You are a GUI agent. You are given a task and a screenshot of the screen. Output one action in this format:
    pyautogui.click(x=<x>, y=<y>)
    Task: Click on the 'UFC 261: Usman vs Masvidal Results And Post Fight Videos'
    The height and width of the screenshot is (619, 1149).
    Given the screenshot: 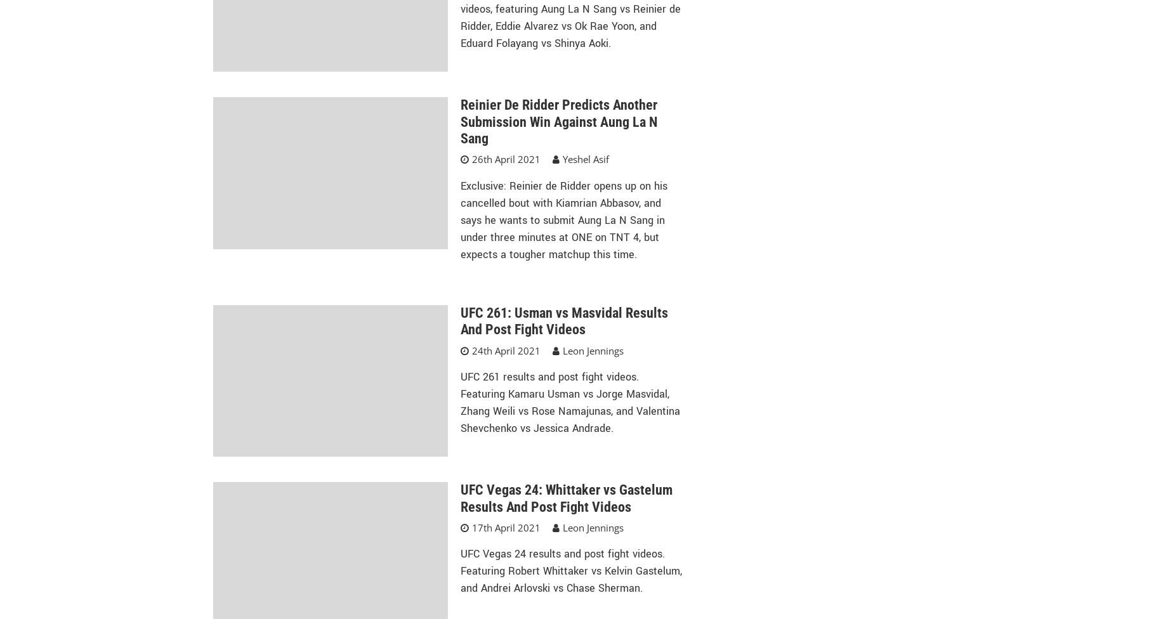 What is the action you would take?
    pyautogui.click(x=563, y=320)
    